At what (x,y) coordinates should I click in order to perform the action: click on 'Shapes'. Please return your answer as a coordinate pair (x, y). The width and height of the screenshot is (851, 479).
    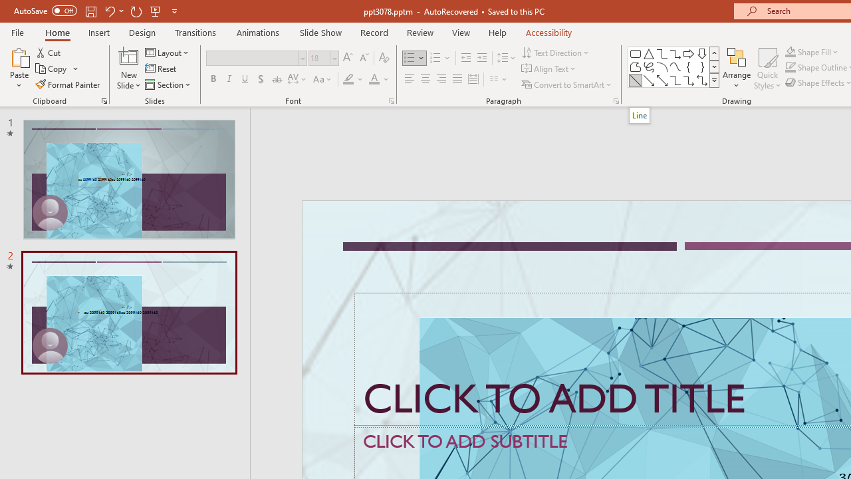
    Looking at the image, I should click on (713, 80).